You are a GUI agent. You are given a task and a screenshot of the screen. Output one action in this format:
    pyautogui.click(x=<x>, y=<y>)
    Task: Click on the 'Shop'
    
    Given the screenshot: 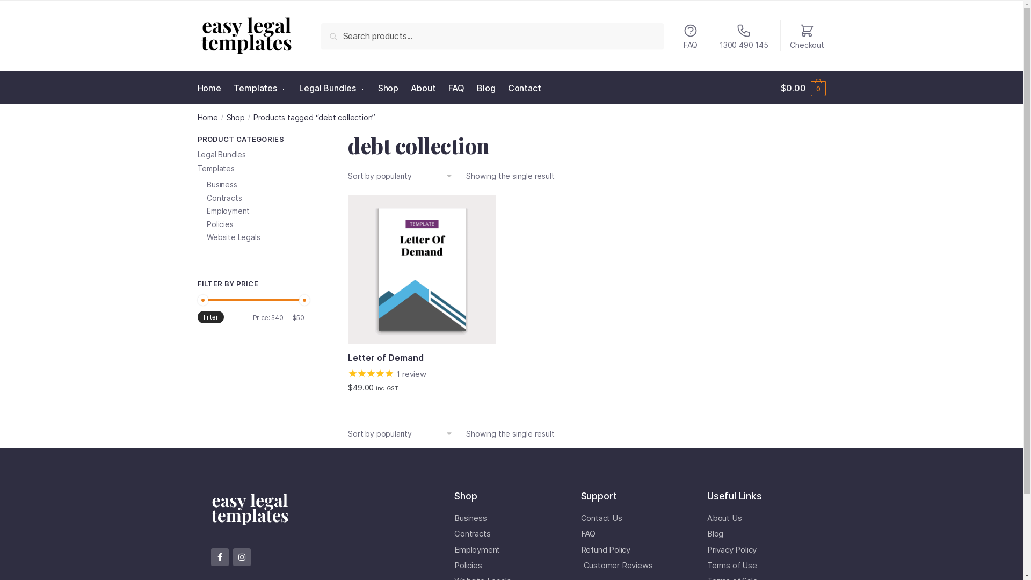 What is the action you would take?
    pyautogui.click(x=466, y=496)
    